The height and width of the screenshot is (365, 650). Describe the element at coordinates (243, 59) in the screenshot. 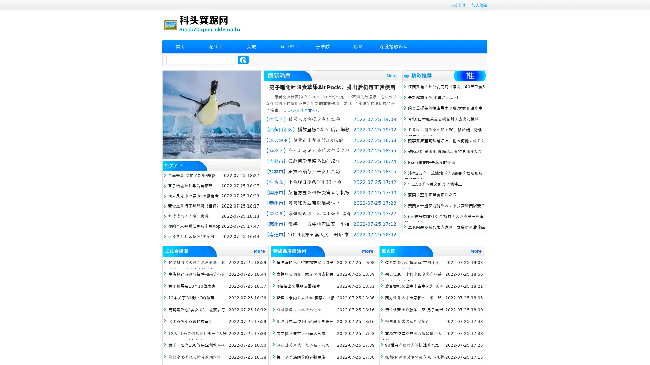

I see `Search` at that location.